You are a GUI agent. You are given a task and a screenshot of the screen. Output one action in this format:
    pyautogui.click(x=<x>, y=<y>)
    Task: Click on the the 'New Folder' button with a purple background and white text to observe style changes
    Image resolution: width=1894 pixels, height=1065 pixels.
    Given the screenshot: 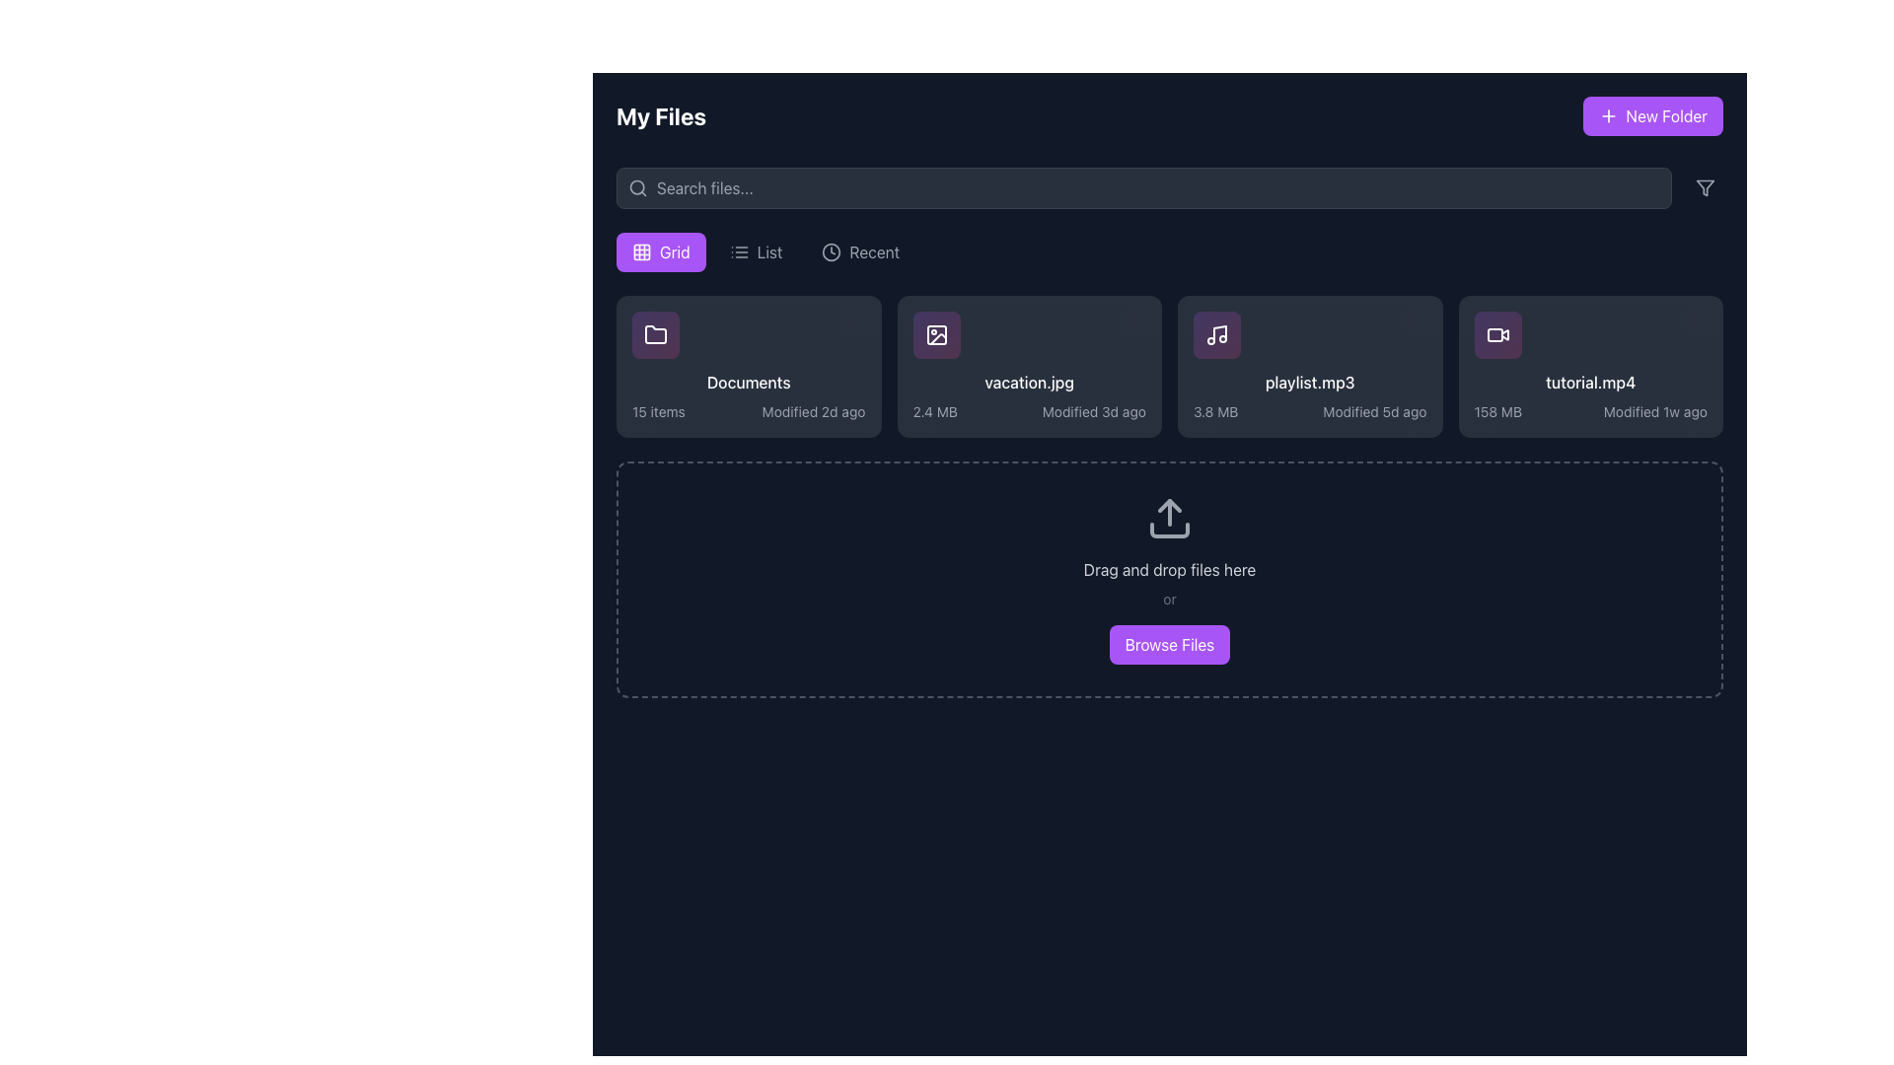 What is the action you would take?
    pyautogui.click(x=1652, y=116)
    